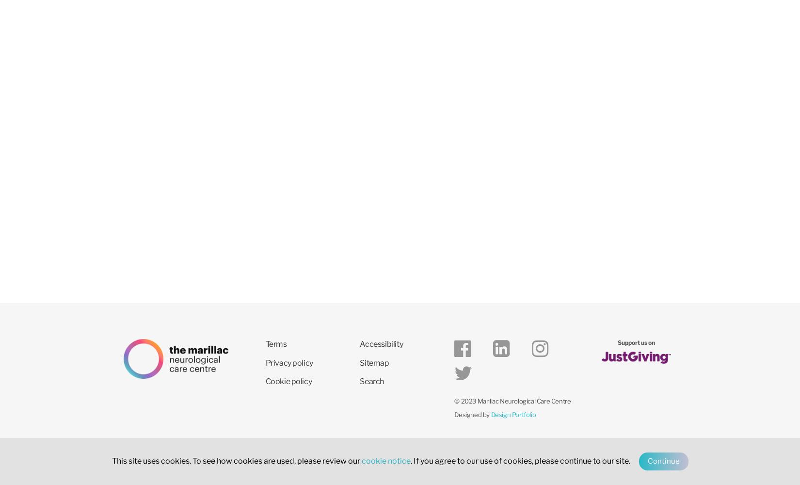  I want to click on 'Support us on', so click(635, 342).